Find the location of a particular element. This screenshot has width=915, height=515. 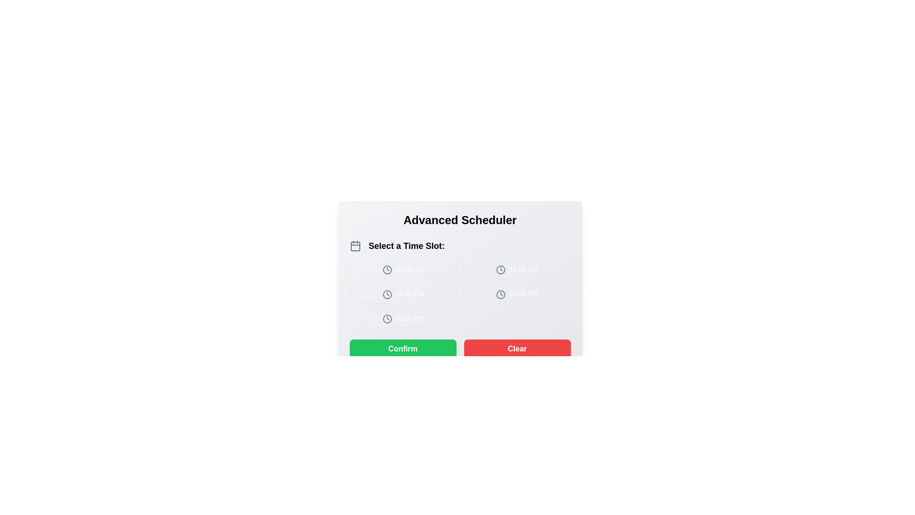

the '03:00 PM' time slot button using the keyboard for accessibility is located at coordinates (516, 294).